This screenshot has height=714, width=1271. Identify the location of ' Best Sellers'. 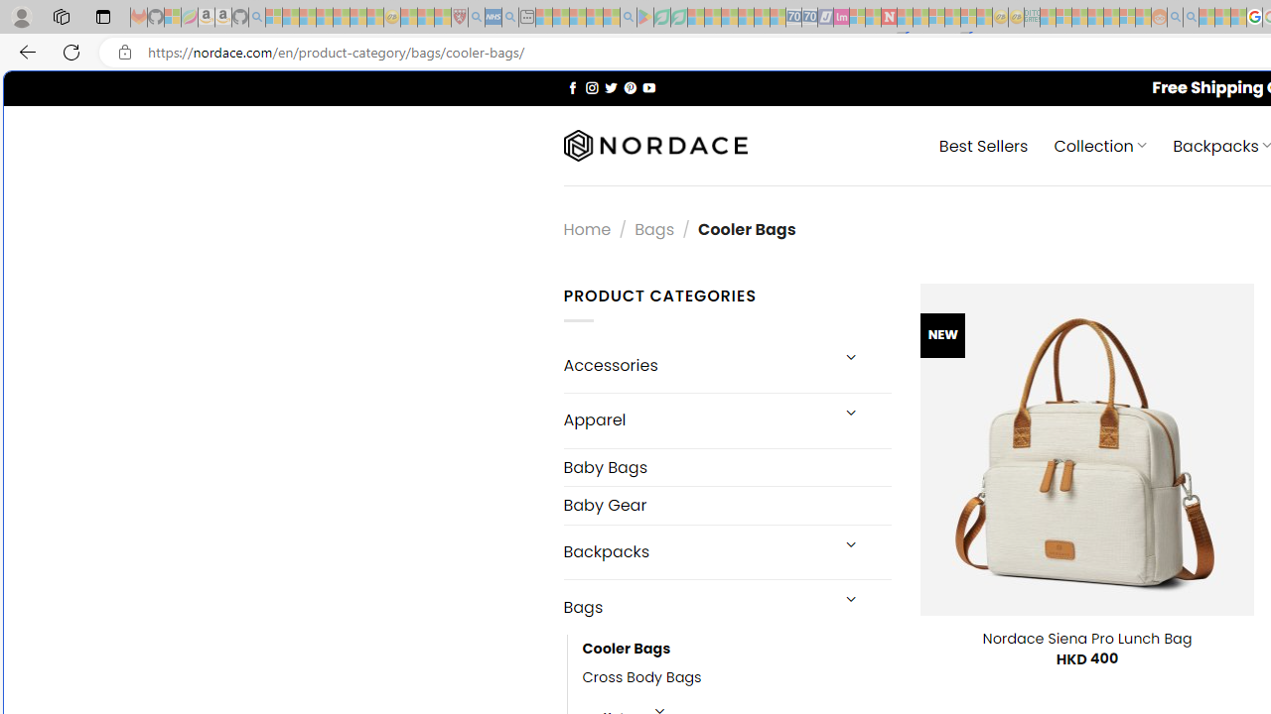
(983, 144).